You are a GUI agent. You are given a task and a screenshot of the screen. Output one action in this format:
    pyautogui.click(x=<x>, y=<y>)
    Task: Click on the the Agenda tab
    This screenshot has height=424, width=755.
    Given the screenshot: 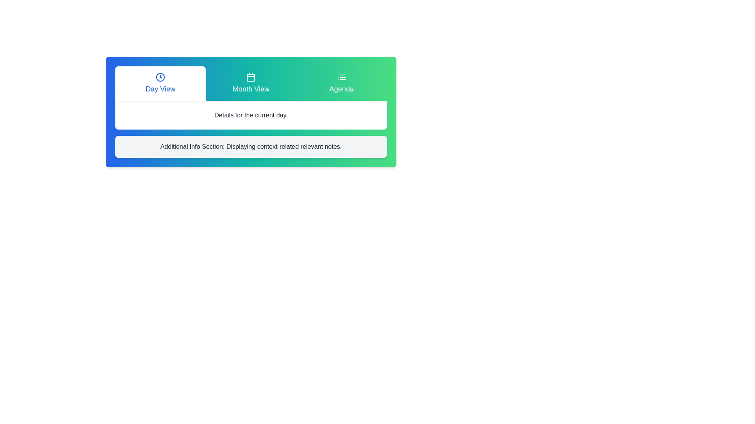 What is the action you would take?
    pyautogui.click(x=341, y=83)
    